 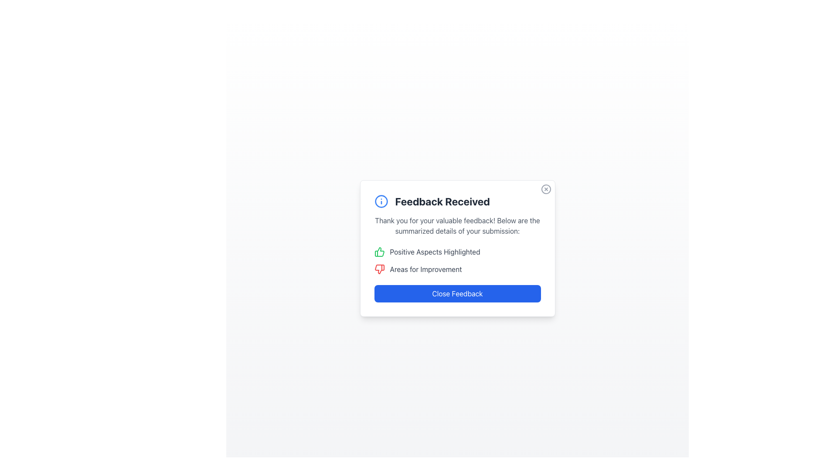 What do you see at coordinates (379, 269) in the screenshot?
I see `the red-colored thumbs-down icon that is positioned to the left of the text 'Areas for Improvement' in the feedback window` at bounding box center [379, 269].